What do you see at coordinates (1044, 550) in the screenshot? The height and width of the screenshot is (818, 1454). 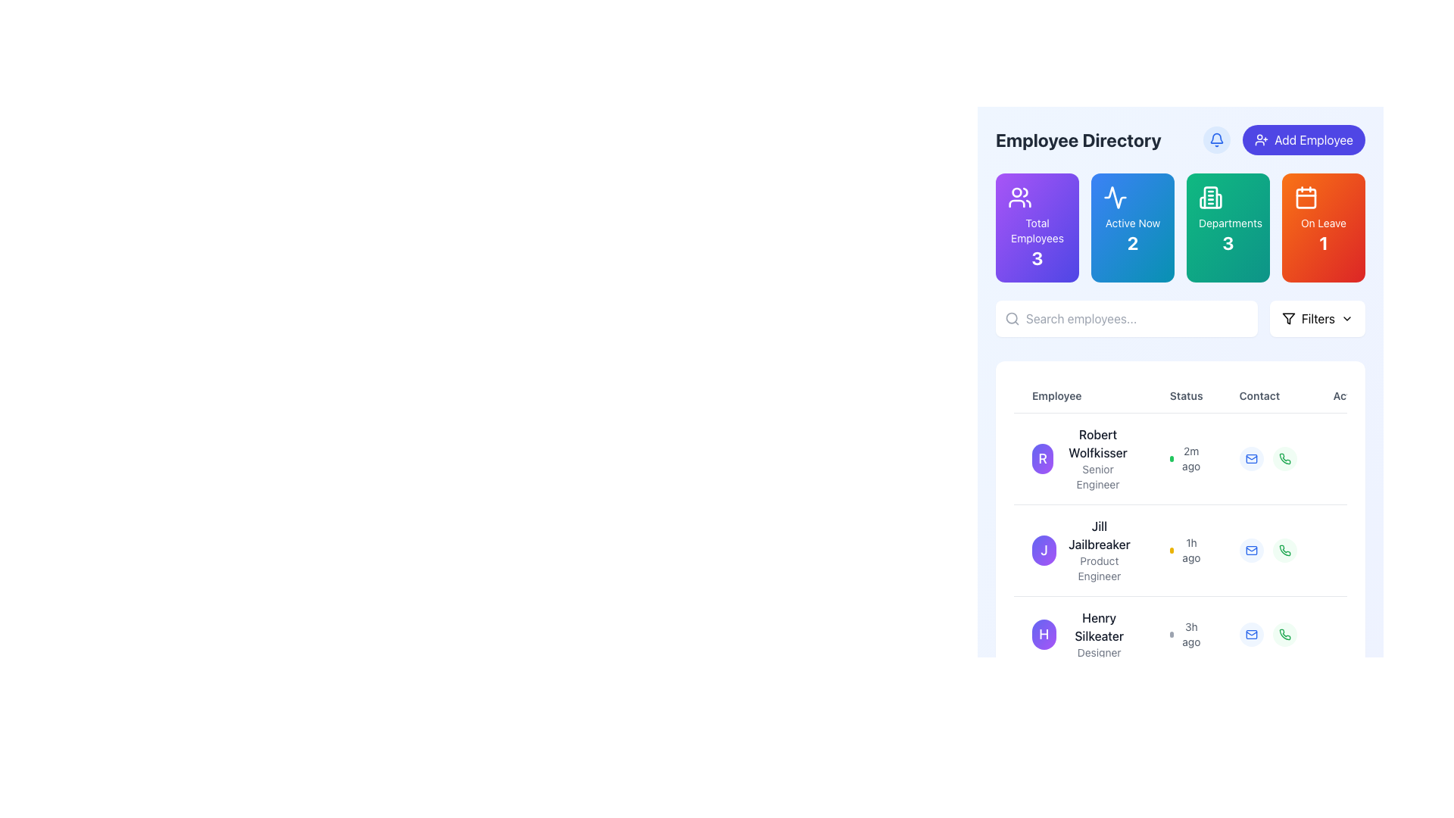 I see `the Profile Picture of Jill Jailbreaker, which is located in the Employee Directory interface, to the left of her name and title` at bounding box center [1044, 550].